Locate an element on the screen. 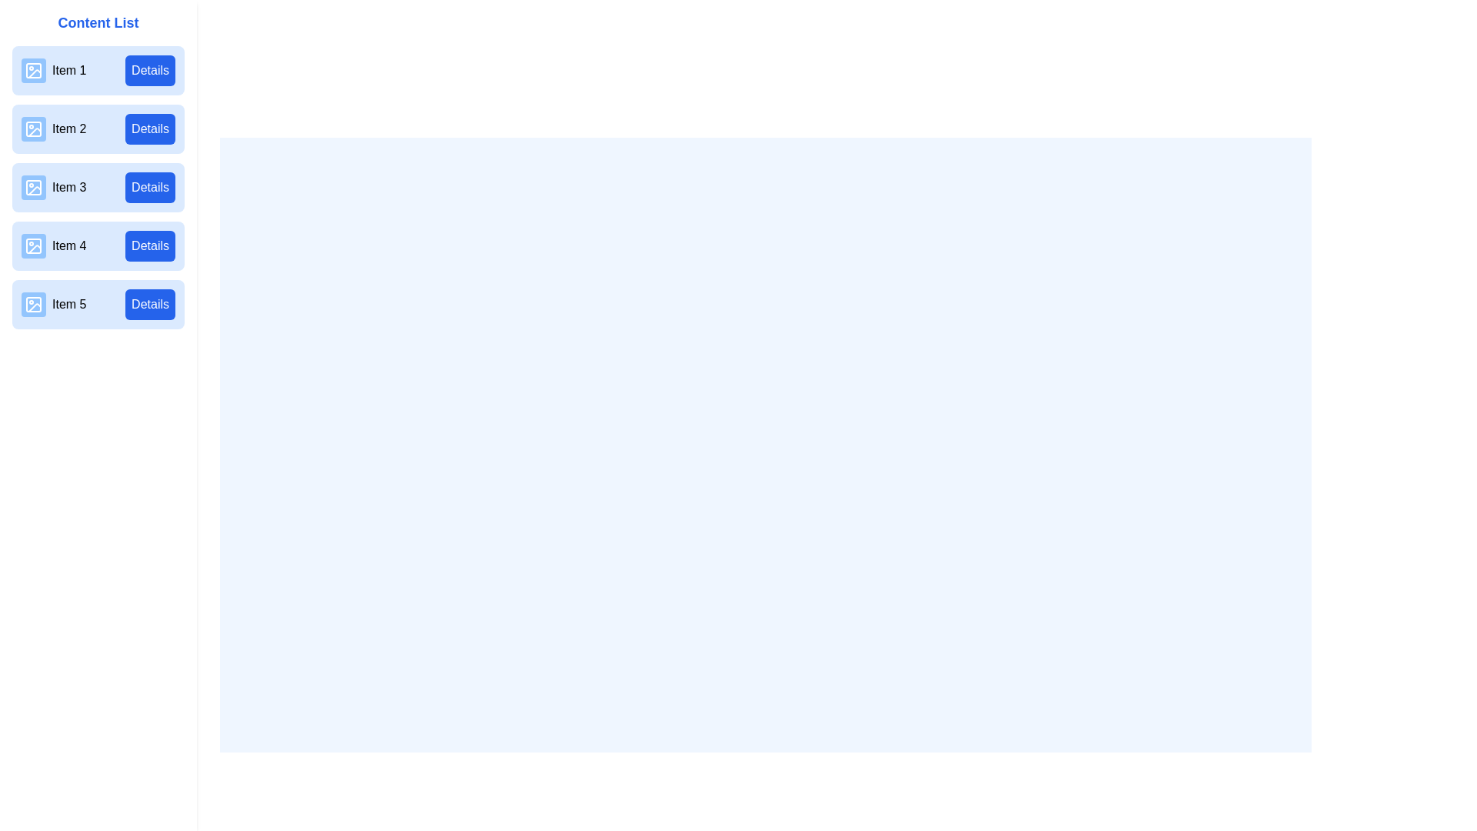 The image size is (1477, 831). the icon resembling a photograph symbol within the third light blue button under 'Content List' labeled 'Item 3.' is located at coordinates (33, 186).